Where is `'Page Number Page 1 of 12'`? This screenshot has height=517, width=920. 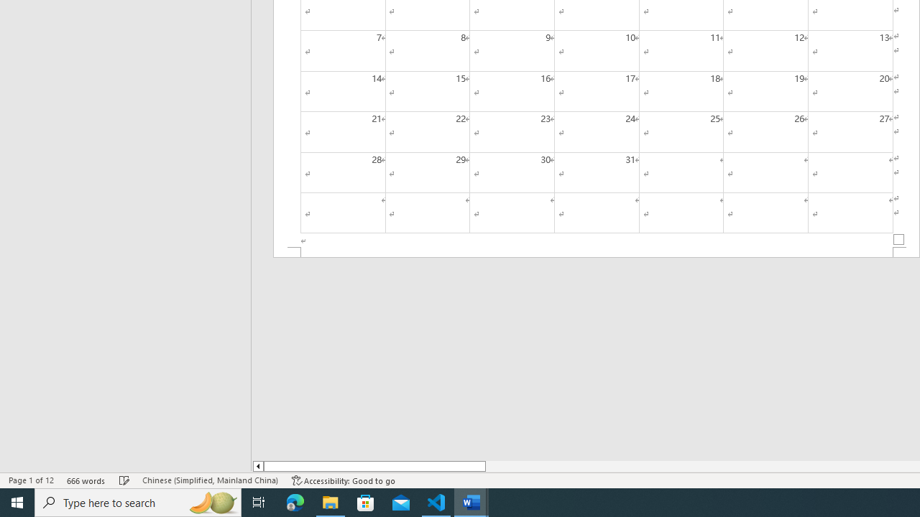
'Page Number Page 1 of 12' is located at coordinates (31, 480).